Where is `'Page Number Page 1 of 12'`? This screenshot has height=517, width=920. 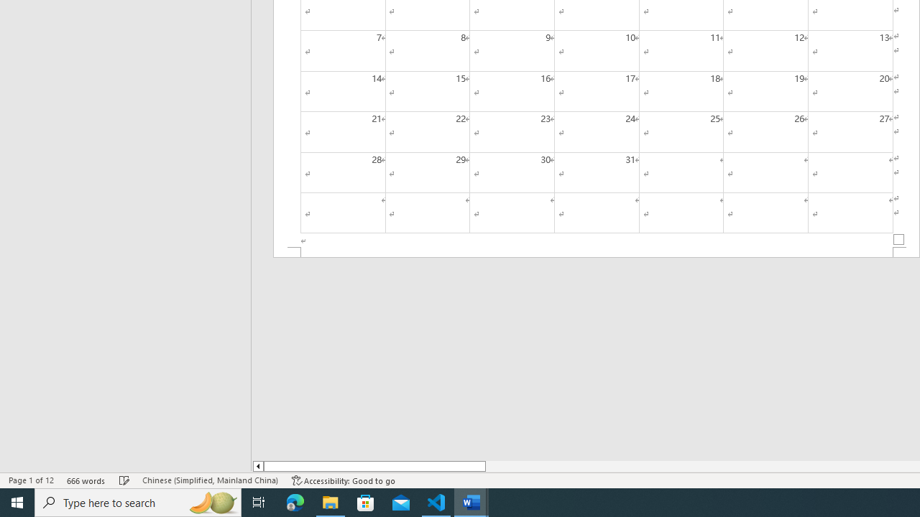
'Page Number Page 1 of 12' is located at coordinates (31, 480).